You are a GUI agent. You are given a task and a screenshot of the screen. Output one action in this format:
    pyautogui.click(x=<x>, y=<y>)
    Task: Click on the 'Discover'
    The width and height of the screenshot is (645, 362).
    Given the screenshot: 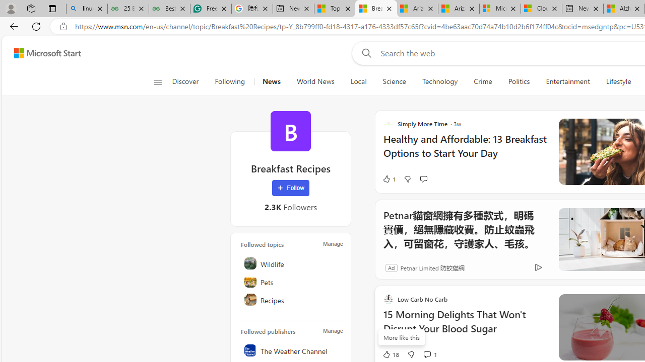 What is the action you would take?
    pyautogui.click(x=185, y=81)
    